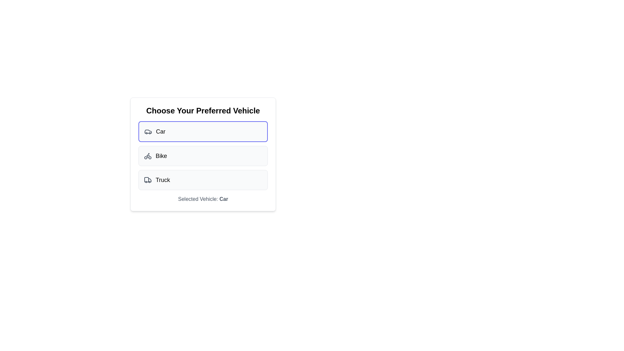  Describe the element at coordinates (148, 132) in the screenshot. I see `the car icon located in the top-left corner of the first item in a vertical list of options within a selection panel` at that location.